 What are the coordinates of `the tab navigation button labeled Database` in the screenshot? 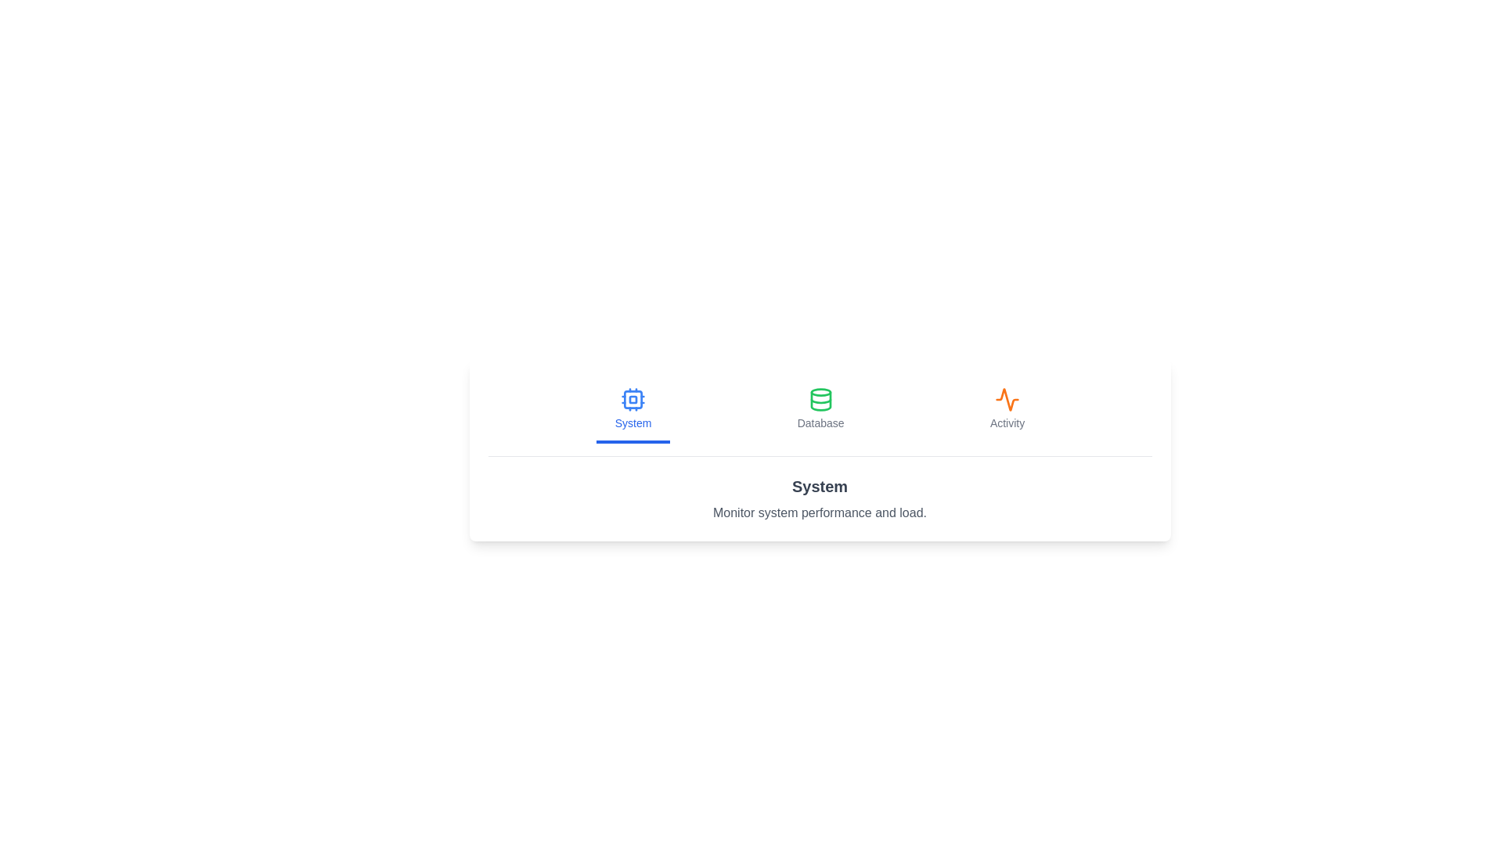 It's located at (820, 409).